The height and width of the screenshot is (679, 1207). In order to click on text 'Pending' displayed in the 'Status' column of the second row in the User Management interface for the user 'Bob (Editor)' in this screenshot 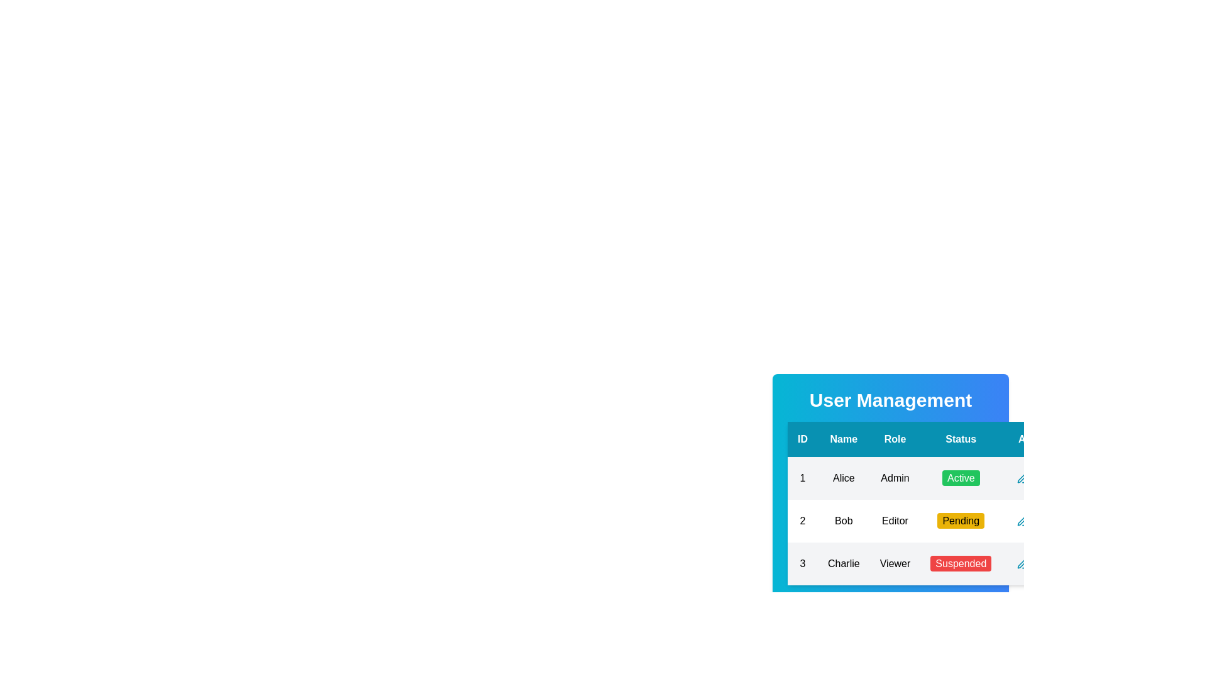, I will do `click(960, 521)`.